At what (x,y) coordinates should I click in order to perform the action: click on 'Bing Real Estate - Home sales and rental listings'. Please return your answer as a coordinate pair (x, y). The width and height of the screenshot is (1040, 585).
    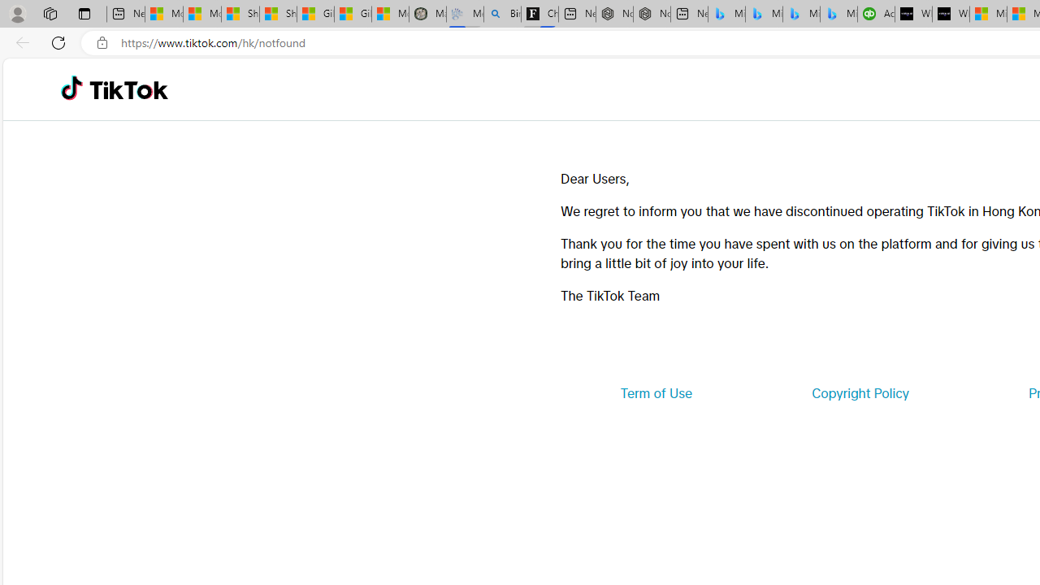
    Looking at the image, I should click on (501, 14).